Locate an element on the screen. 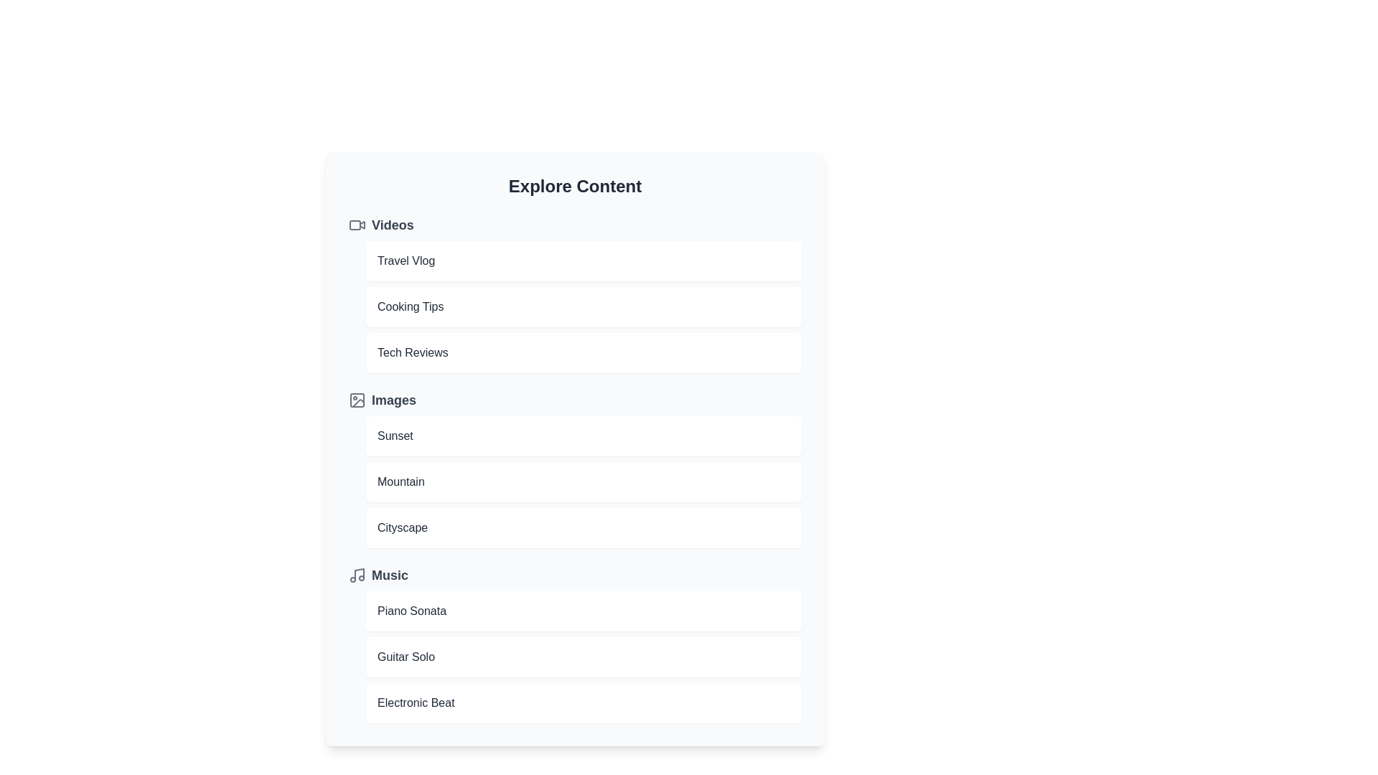 The image size is (1378, 775). the item Mountain to open it is located at coordinates (583, 482).